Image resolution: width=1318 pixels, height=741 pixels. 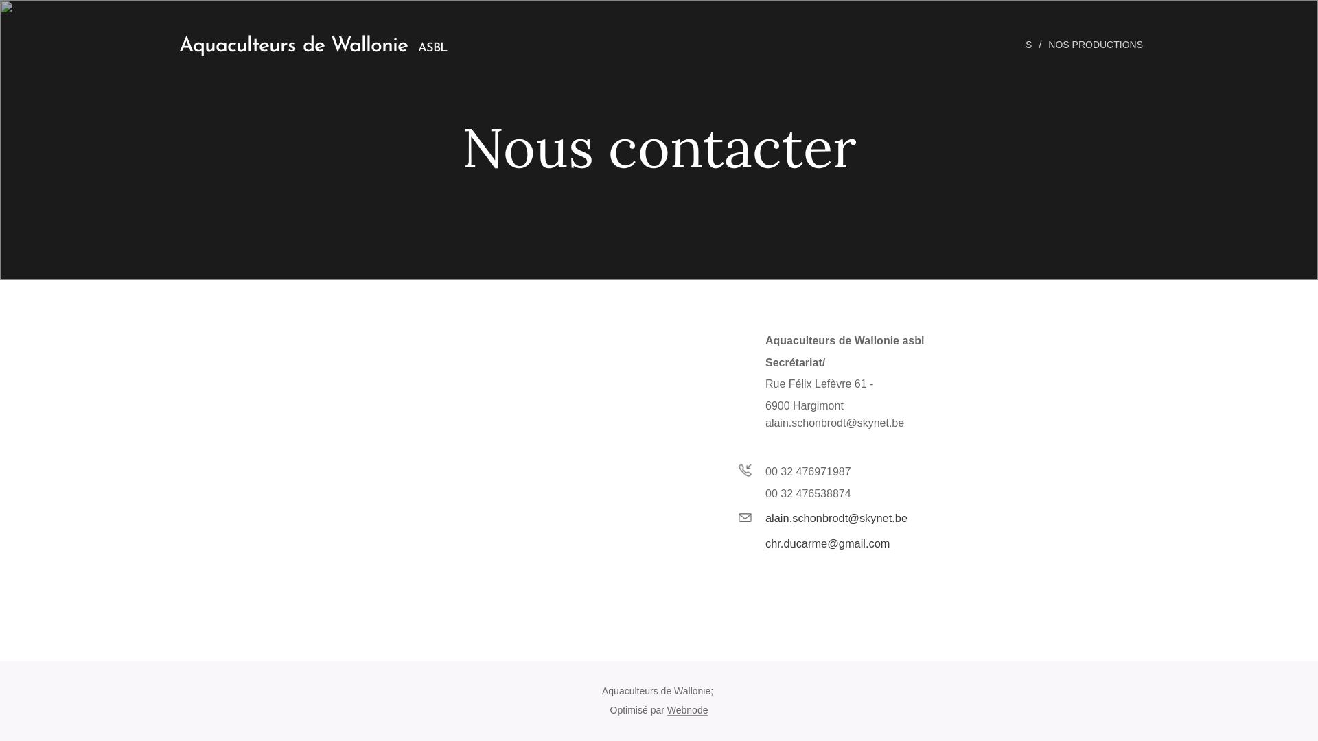 What do you see at coordinates (984, 44) in the screenshot?
I see `'LES PRODUCTEURS'` at bounding box center [984, 44].